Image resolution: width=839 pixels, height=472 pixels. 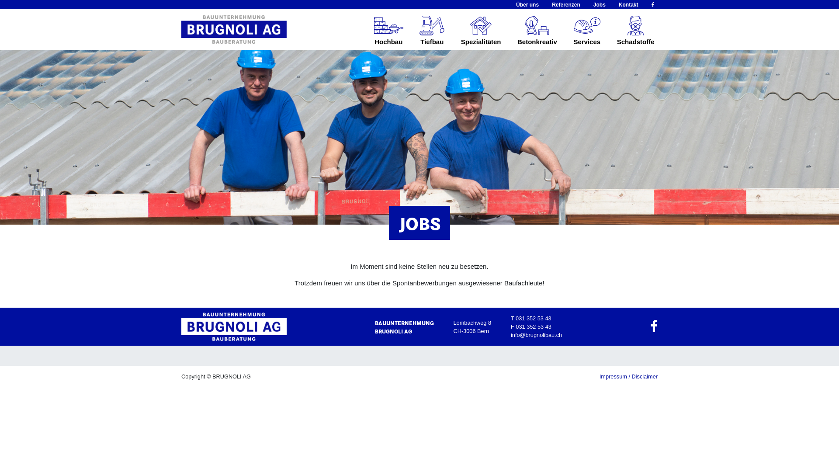 What do you see at coordinates (537, 29) in the screenshot?
I see `'Betonkreativ'` at bounding box center [537, 29].